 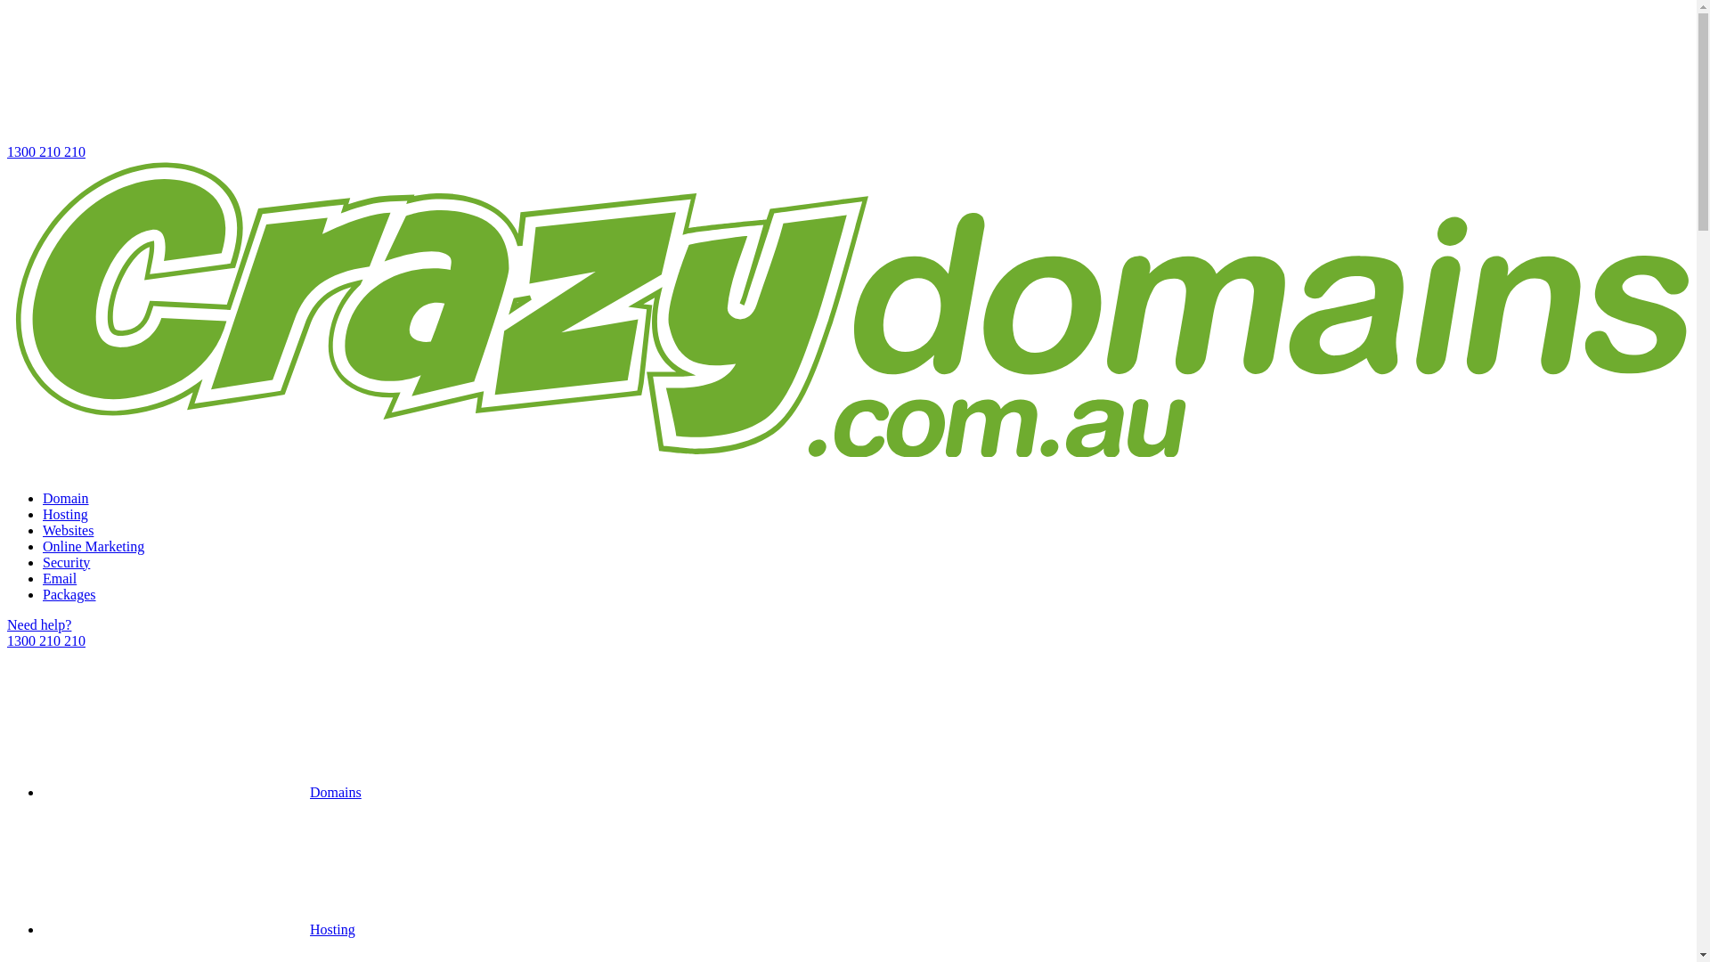 I want to click on '1300 210 210', so click(x=7, y=83).